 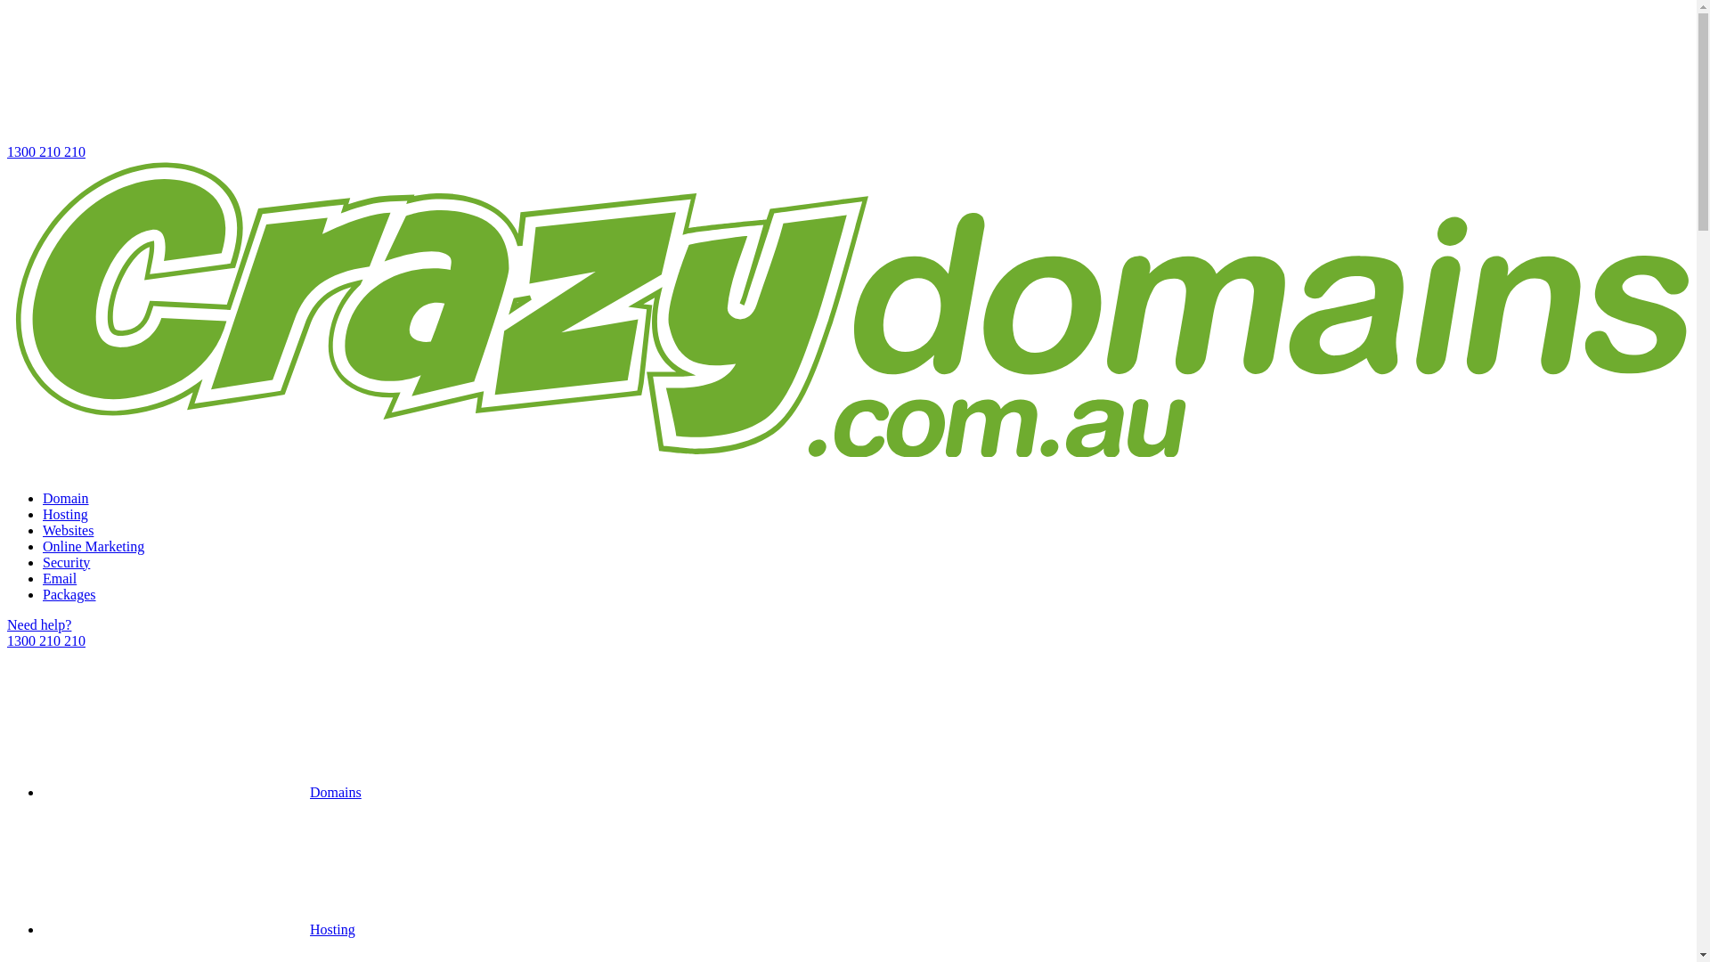 I want to click on '1300 210 210', so click(x=7, y=83).